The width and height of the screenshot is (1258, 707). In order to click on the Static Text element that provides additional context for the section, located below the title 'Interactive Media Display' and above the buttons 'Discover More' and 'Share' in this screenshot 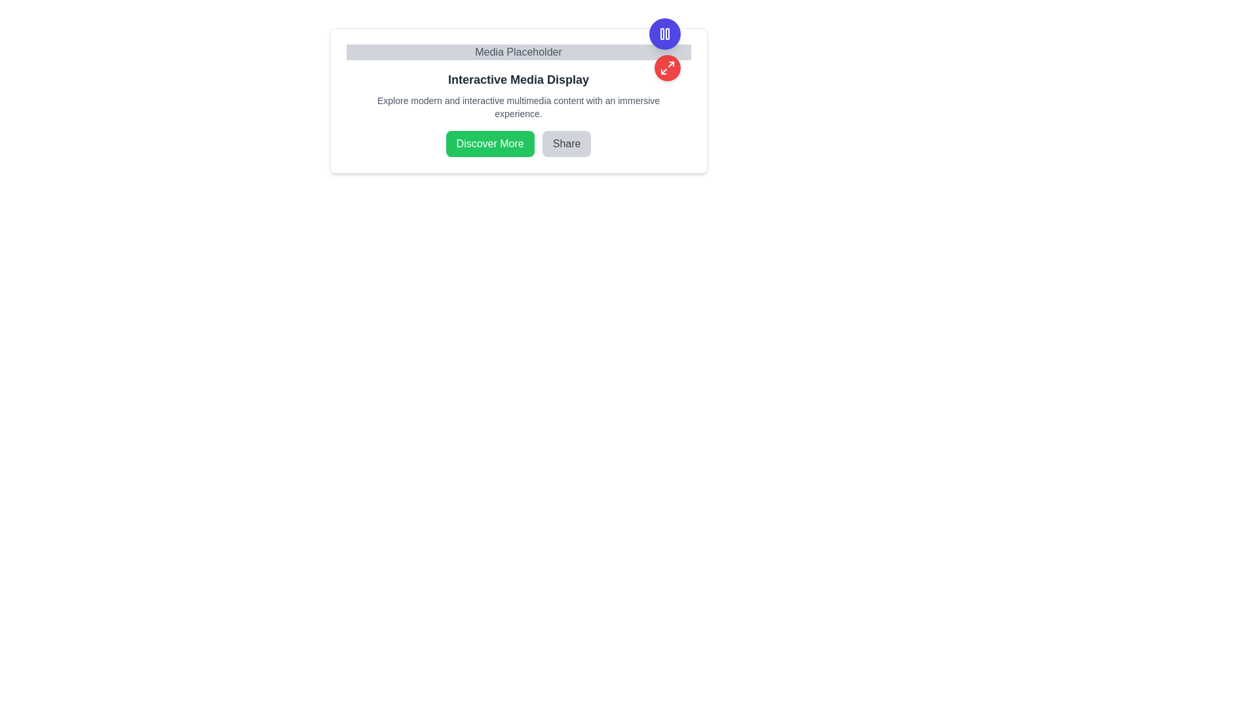, I will do `click(518, 107)`.